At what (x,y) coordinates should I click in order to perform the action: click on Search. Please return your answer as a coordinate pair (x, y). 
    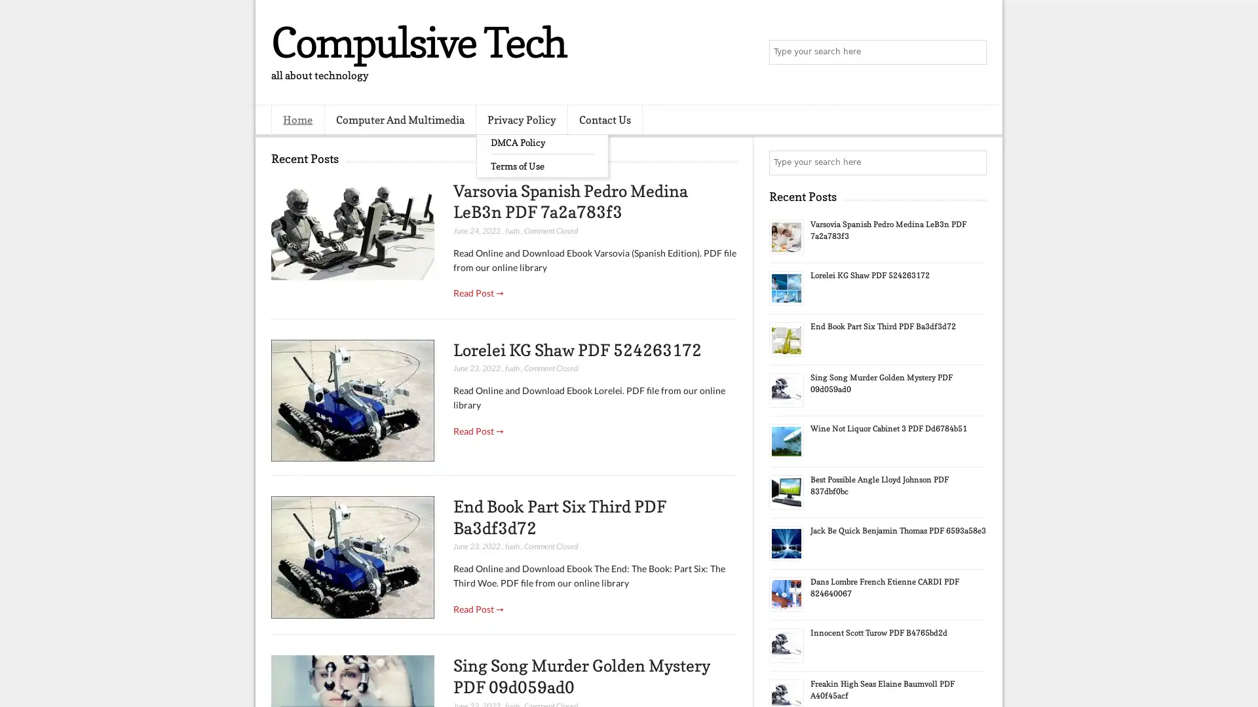
    Looking at the image, I should click on (973, 52).